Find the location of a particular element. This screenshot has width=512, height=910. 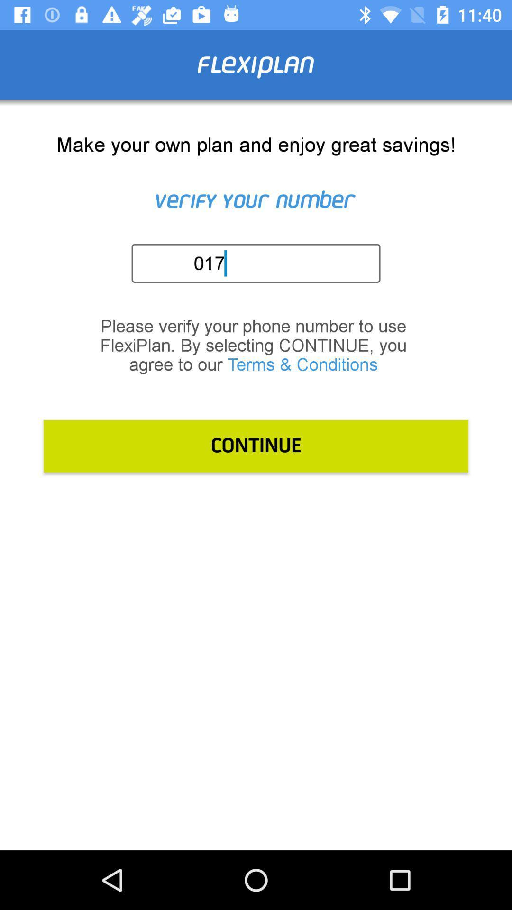

item above please verify your item is located at coordinates (259, 263).